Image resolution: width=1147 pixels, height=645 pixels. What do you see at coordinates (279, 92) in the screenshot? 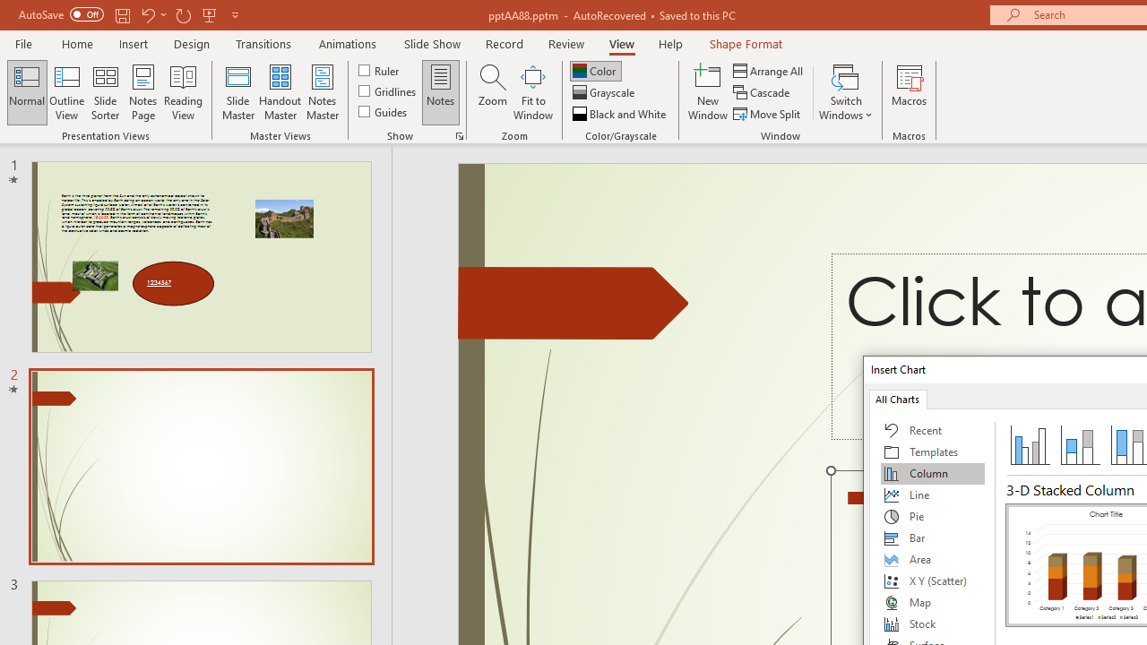
I see `'Handout Master'` at bounding box center [279, 92].